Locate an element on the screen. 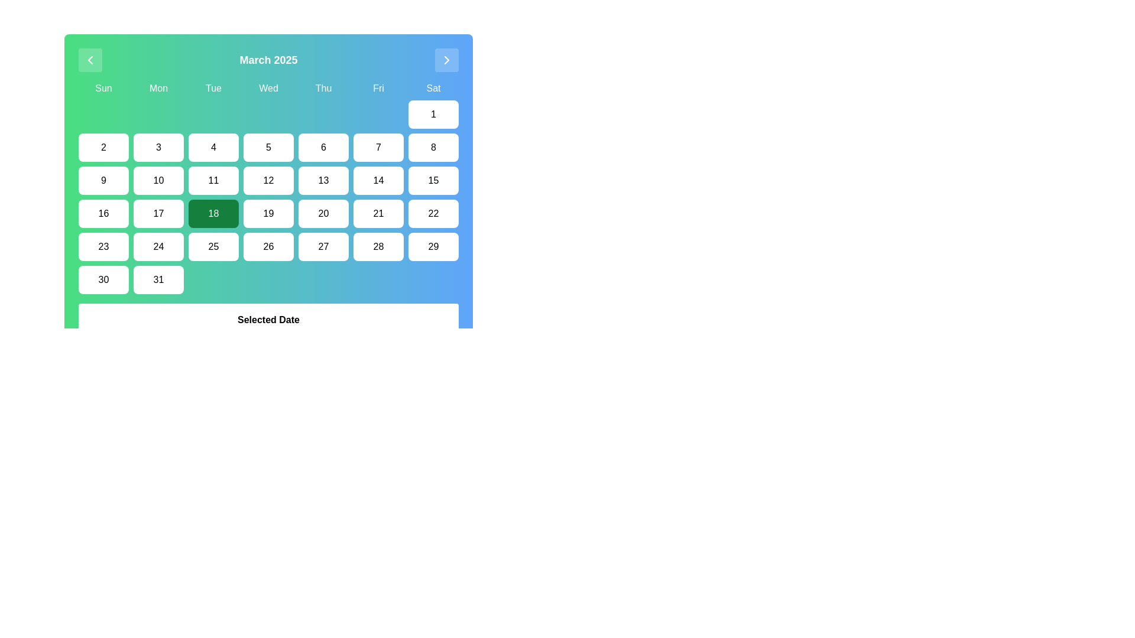 This screenshot has width=1135, height=638. the Text label that serves as a header indicating the subsequent information about the selected date, positioned above the text 'Tue Mar 18 2025' is located at coordinates (268, 320).